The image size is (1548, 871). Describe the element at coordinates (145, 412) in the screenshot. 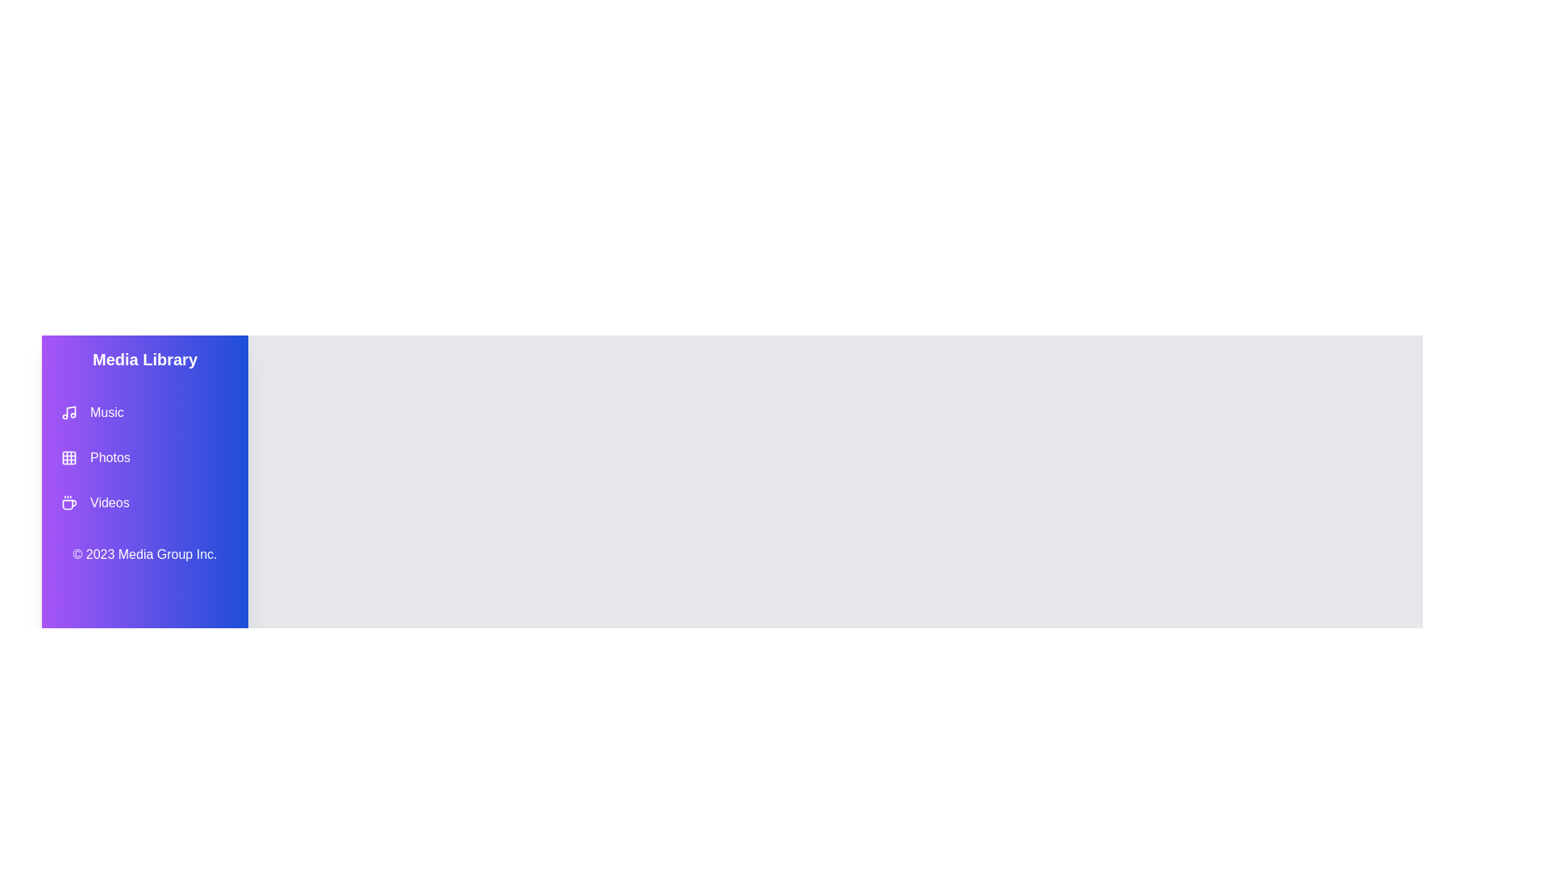

I see `the Music category to navigate to it` at that location.